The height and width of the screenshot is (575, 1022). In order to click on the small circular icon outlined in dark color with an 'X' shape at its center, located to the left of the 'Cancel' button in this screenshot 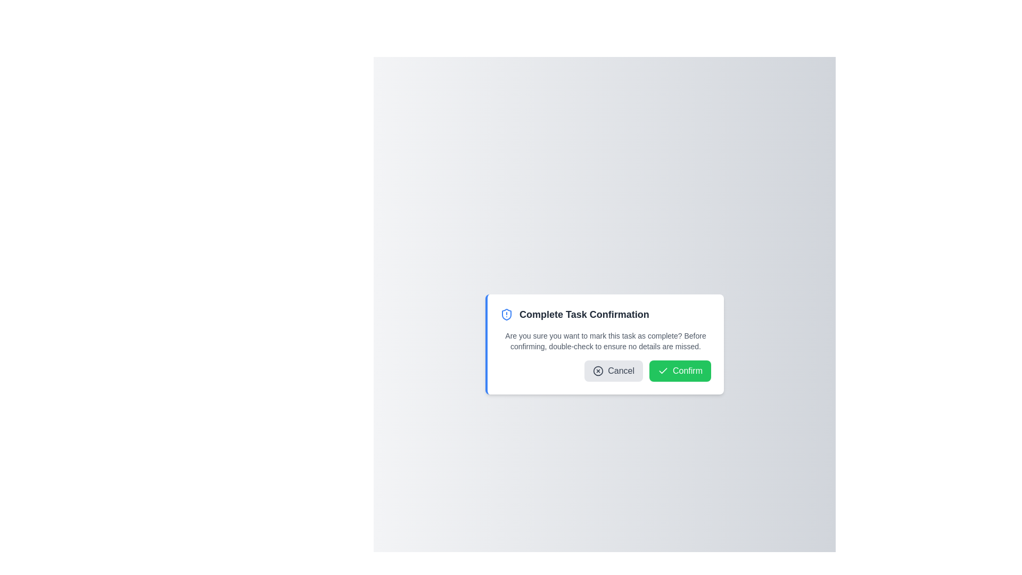, I will do `click(598, 371)`.